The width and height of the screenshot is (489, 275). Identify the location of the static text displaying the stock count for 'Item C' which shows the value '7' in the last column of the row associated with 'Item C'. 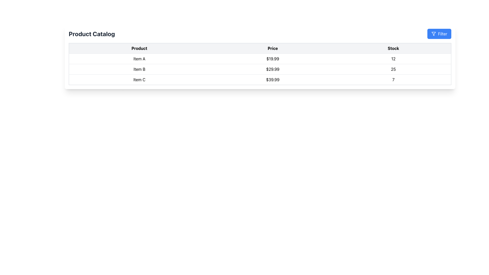
(393, 79).